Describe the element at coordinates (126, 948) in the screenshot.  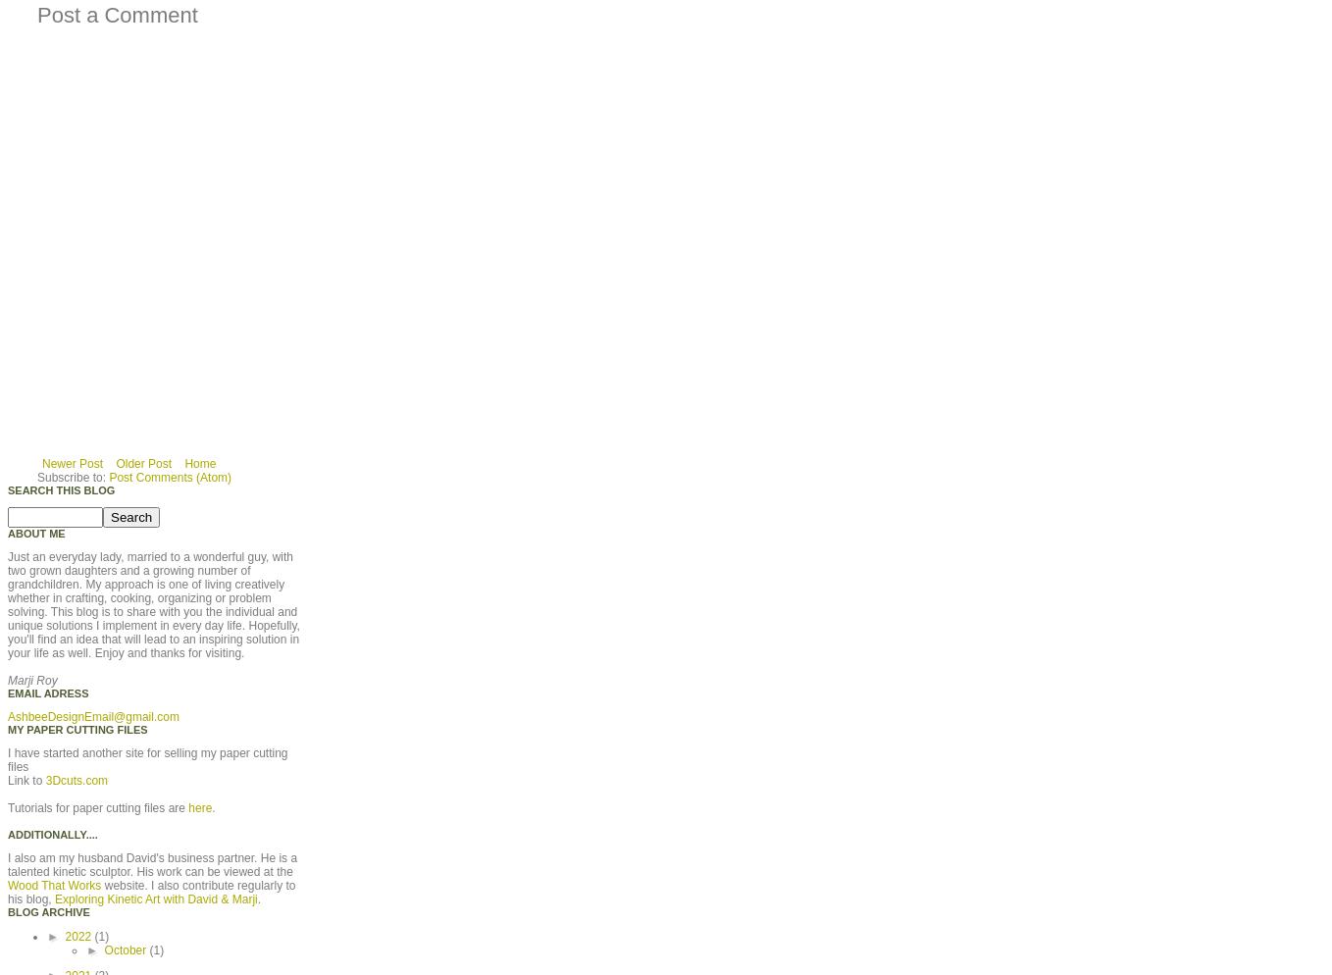
I see `'October'` at that location.